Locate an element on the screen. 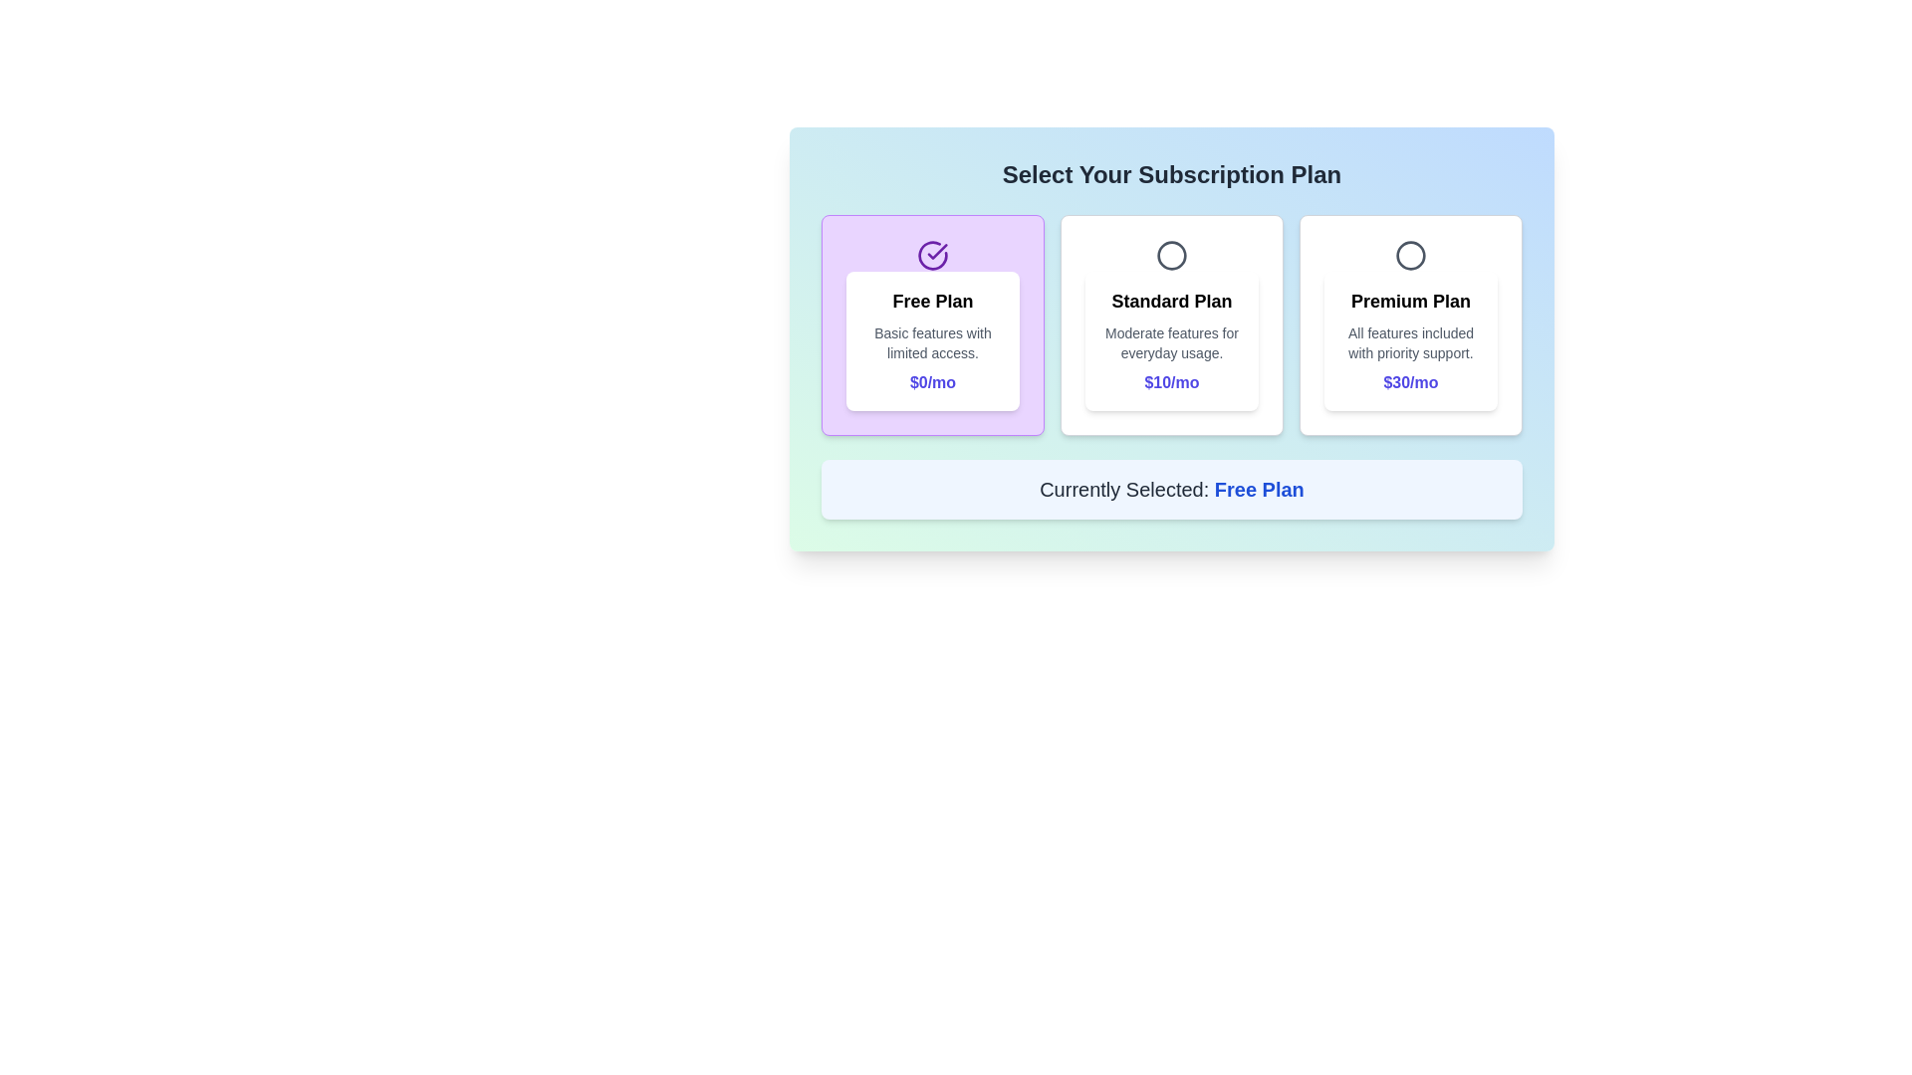 The height and width of the screenshot is (1075, 1912). the 'Standard Plan' title text label, which indicates the name of the specific plan and is positioned above the description and price is located at coordinates (1171, 302).